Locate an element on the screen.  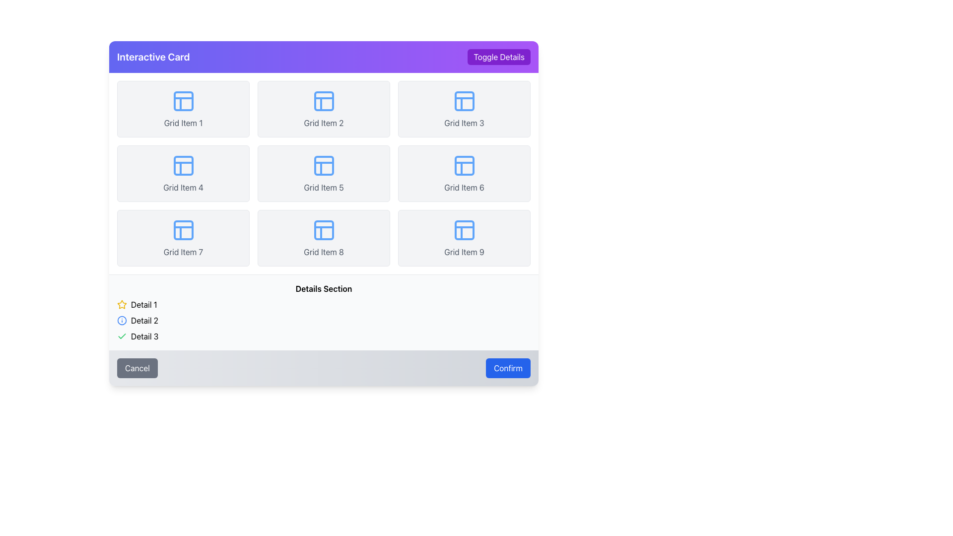
text label displaying 'Grid Item 1', which is styled with gray-colored text and located in the first grid item of the leftmost column in the top row of a 3x3 grid layout is located at coordinates (183, 122).